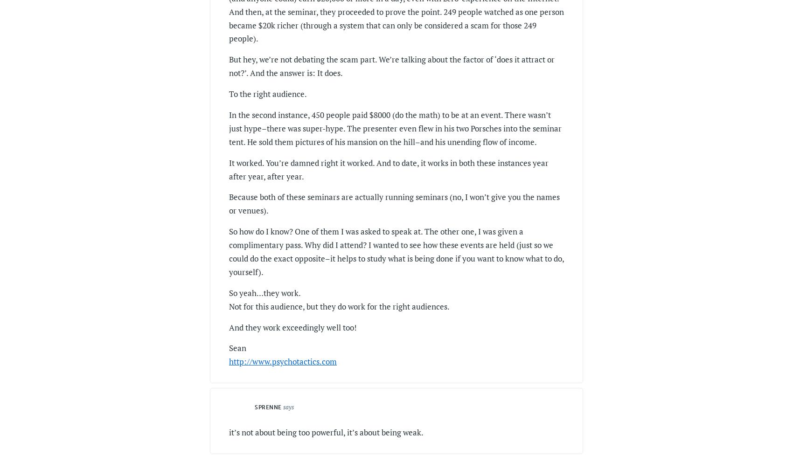 This screenshot has height=455, width=793. Describe the element at coordinates (326, 432) in the screenshot. I see `'it’s not about being too powerful, it’s about being weak.'` at that location.